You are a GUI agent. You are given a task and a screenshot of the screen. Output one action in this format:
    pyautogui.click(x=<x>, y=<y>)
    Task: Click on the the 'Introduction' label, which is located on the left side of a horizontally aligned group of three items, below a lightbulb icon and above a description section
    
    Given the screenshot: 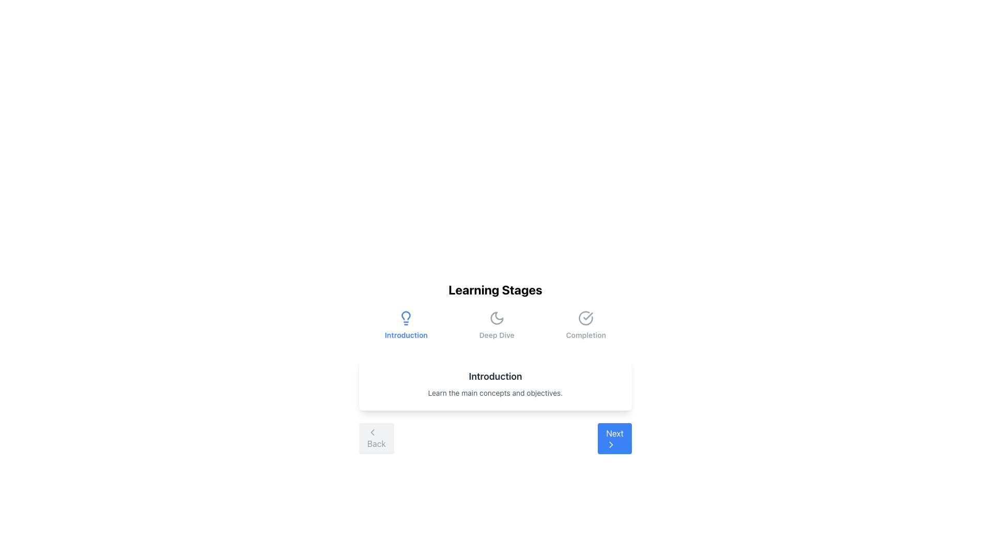 What is the action you would take?
    pyautogui.click(x=406, y=335)
    